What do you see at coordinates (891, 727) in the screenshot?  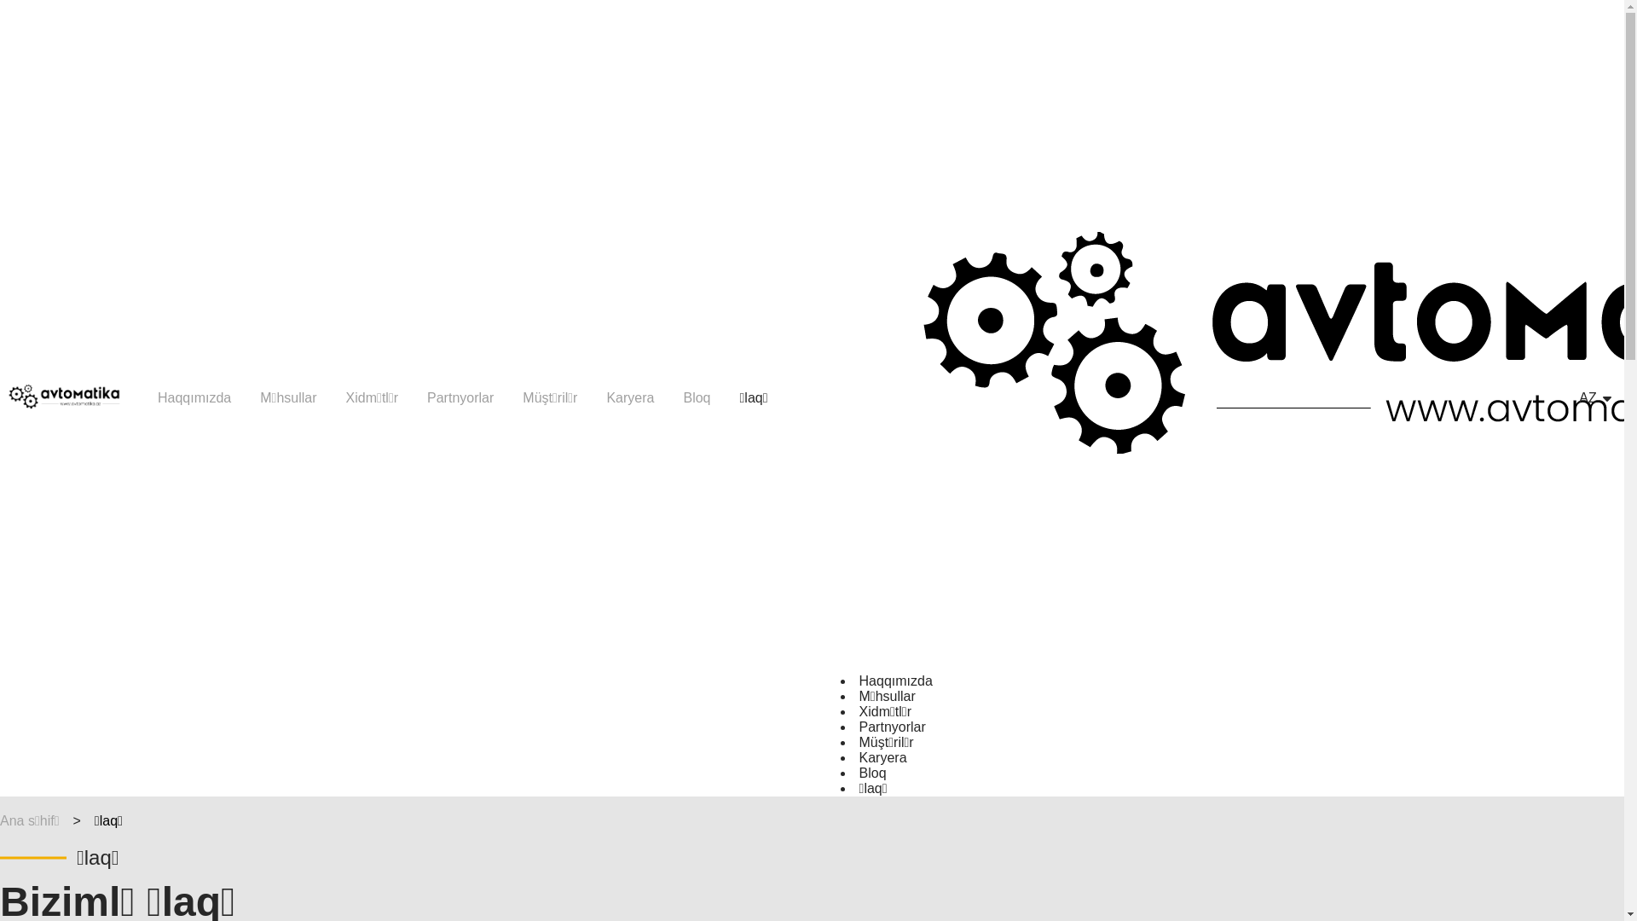 I see `'Partnyorlar'` at bounding box center [891, 727].